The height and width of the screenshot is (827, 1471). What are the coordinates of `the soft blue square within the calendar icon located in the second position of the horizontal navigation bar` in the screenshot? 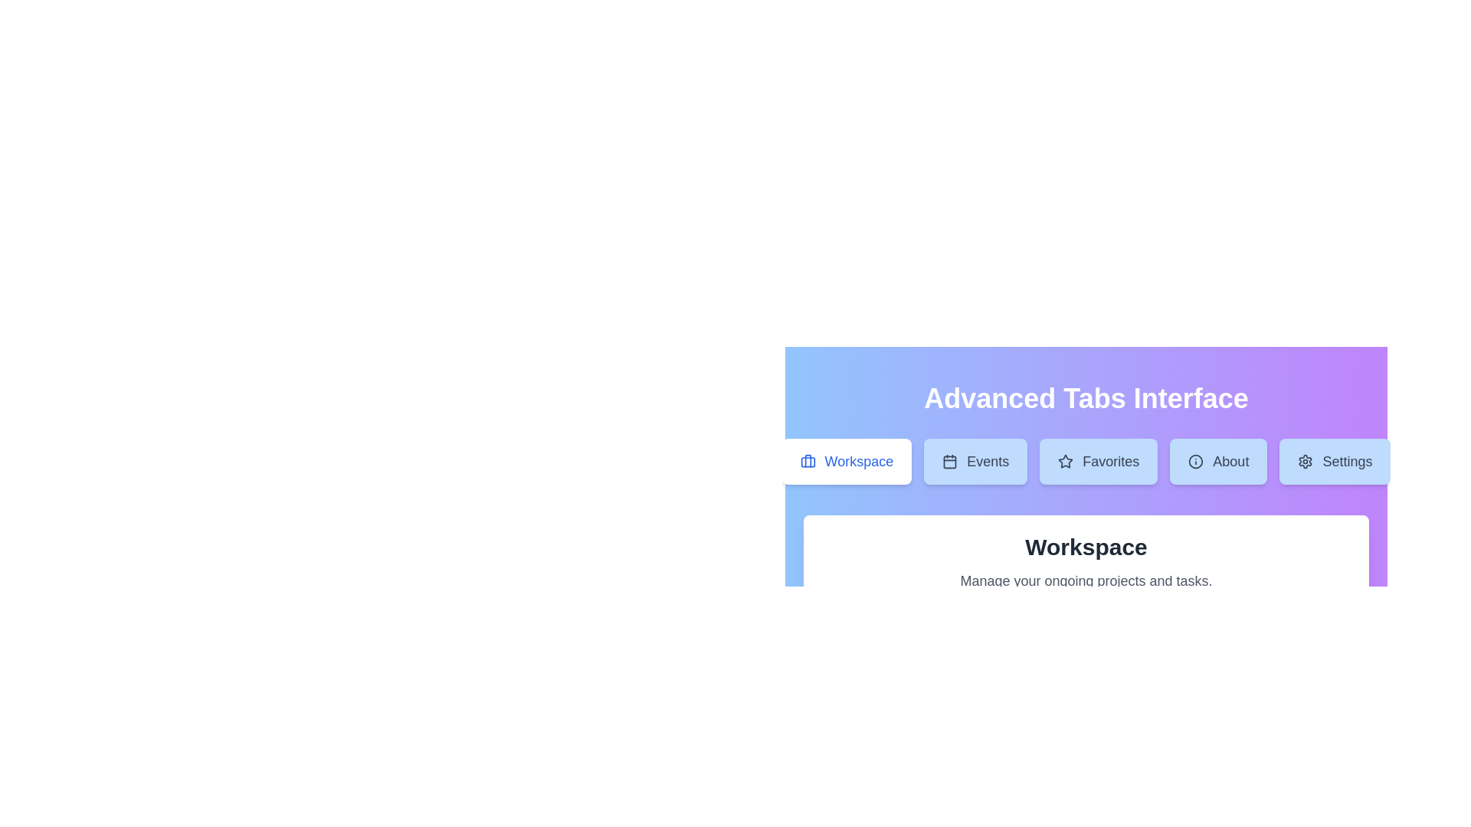 It's located at (949, 461).